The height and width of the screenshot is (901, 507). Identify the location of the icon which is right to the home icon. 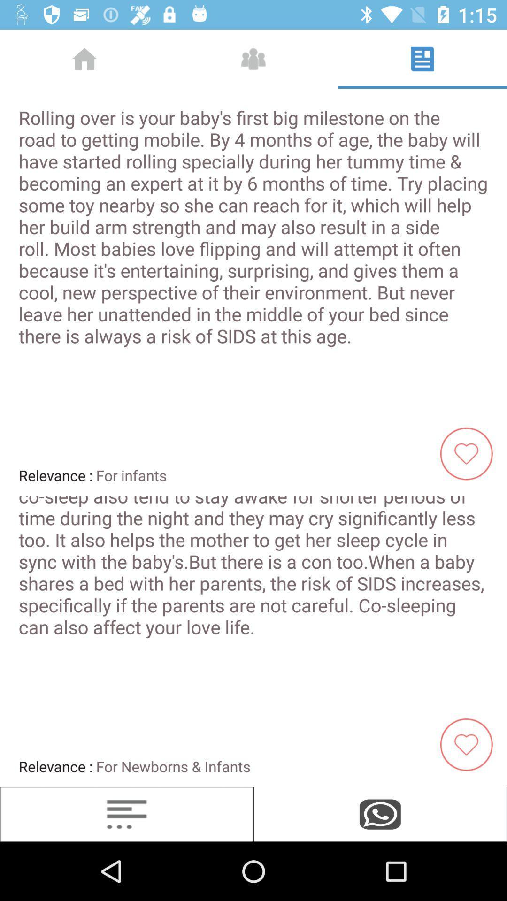
(253, 58).